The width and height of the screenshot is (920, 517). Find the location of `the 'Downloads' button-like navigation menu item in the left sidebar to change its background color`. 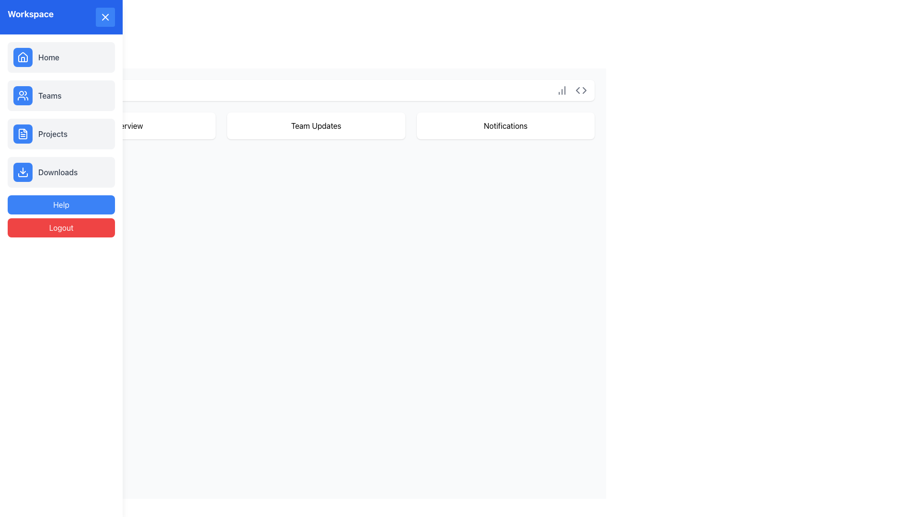

the 'Downloads' button-like navigation menu item in the left sidebar to change its background color is located at coordinates (61, 171).